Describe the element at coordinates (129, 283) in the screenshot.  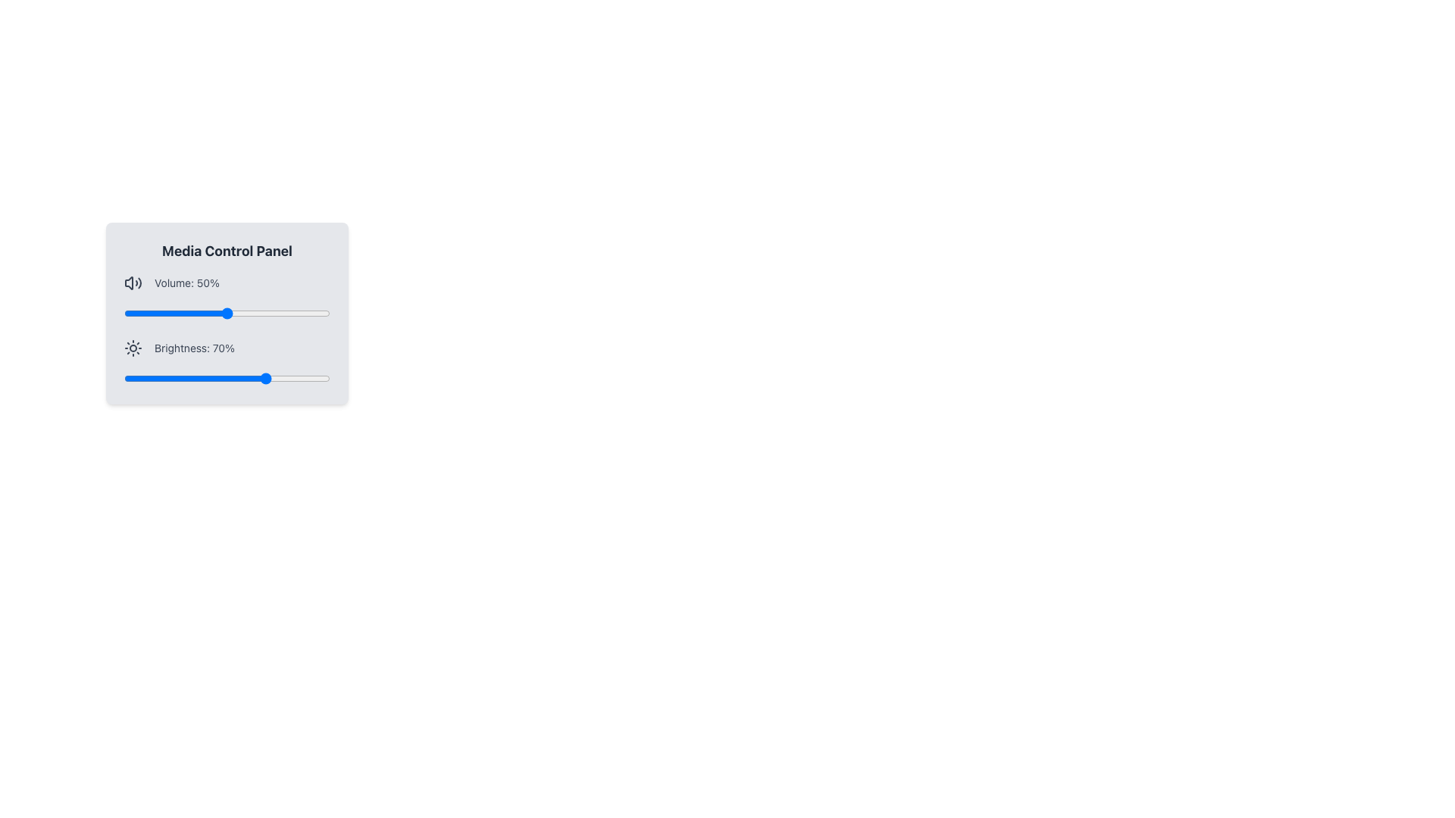
I see `the main speaker body of the speaker icon, which is positioned to the left of the two circular wave indicators` at that location.